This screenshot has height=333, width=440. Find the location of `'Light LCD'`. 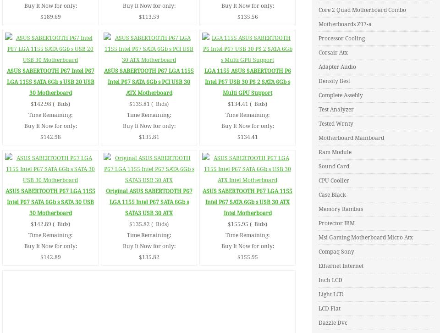

'Light LCD' is located at coordinates (319, 294).